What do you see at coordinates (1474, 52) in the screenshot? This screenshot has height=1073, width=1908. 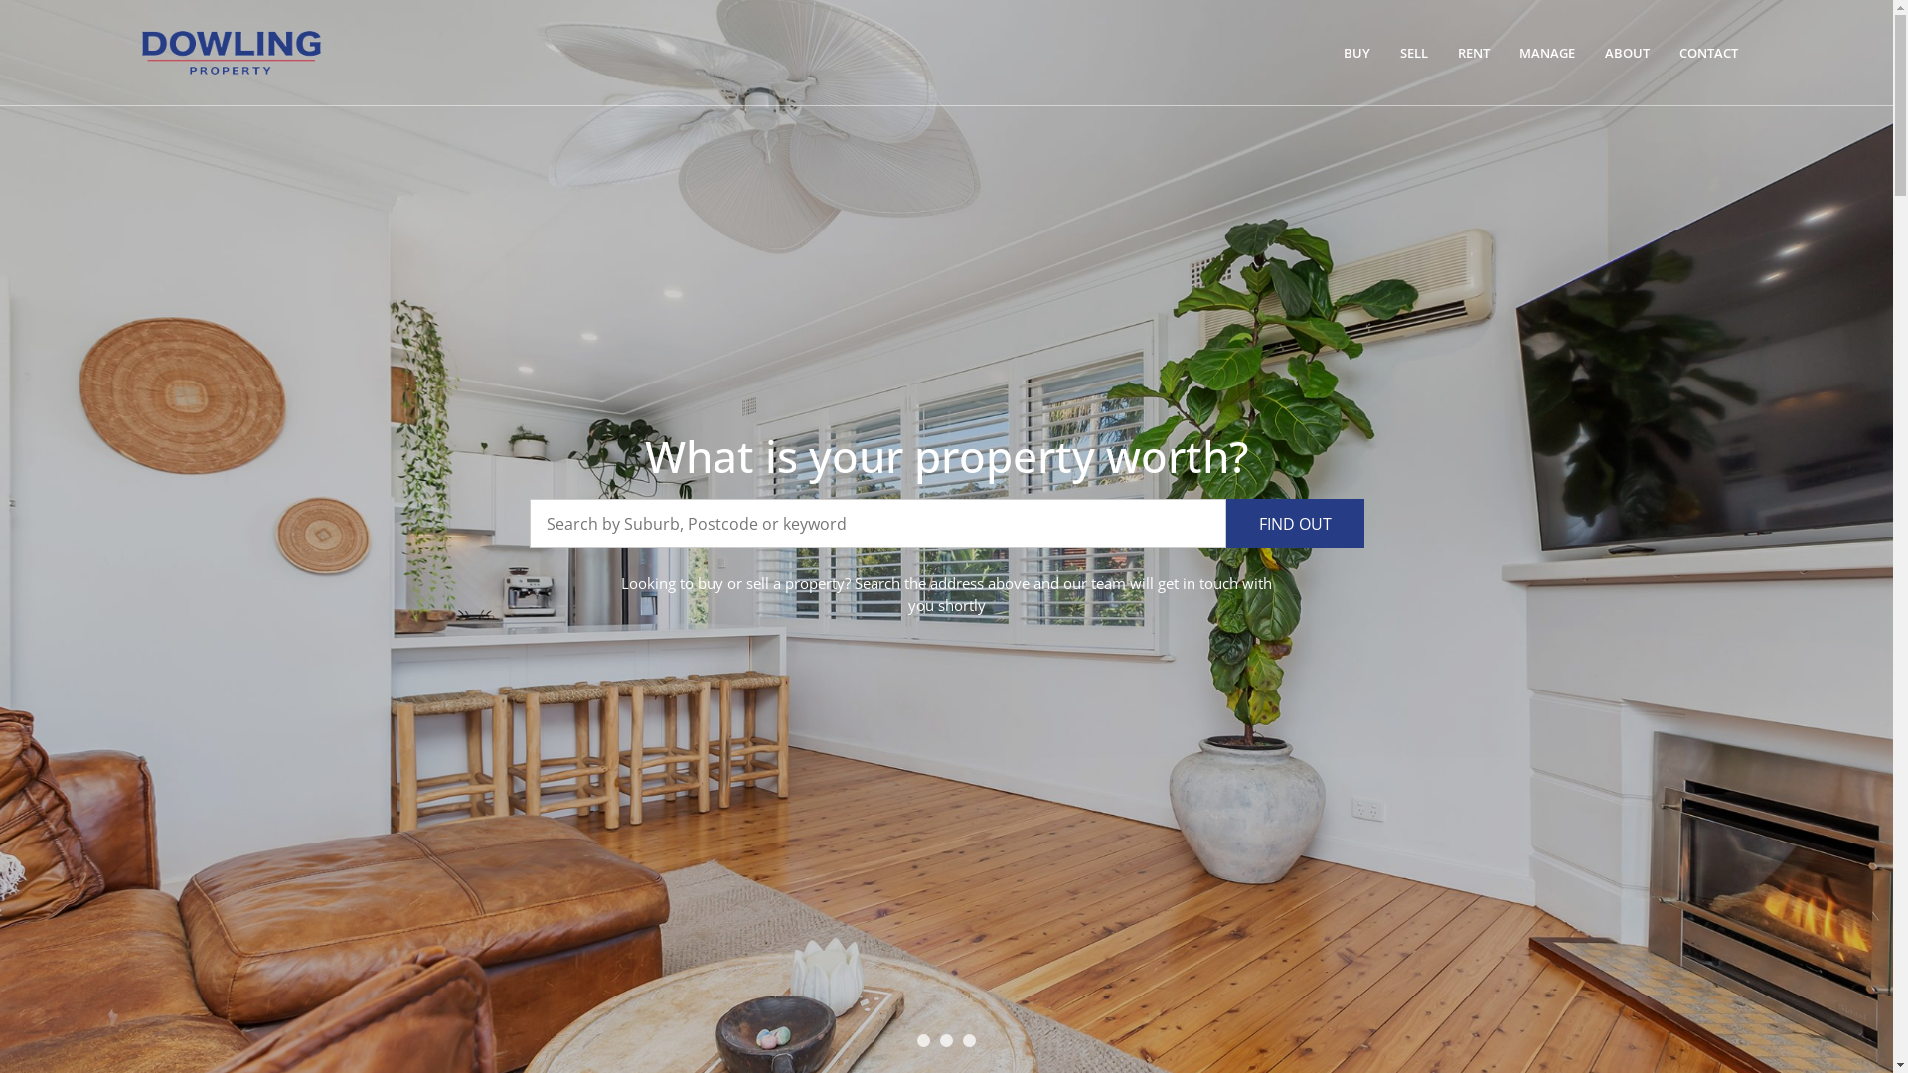 I see `'RENT'` at bounding box center [1474, 52].